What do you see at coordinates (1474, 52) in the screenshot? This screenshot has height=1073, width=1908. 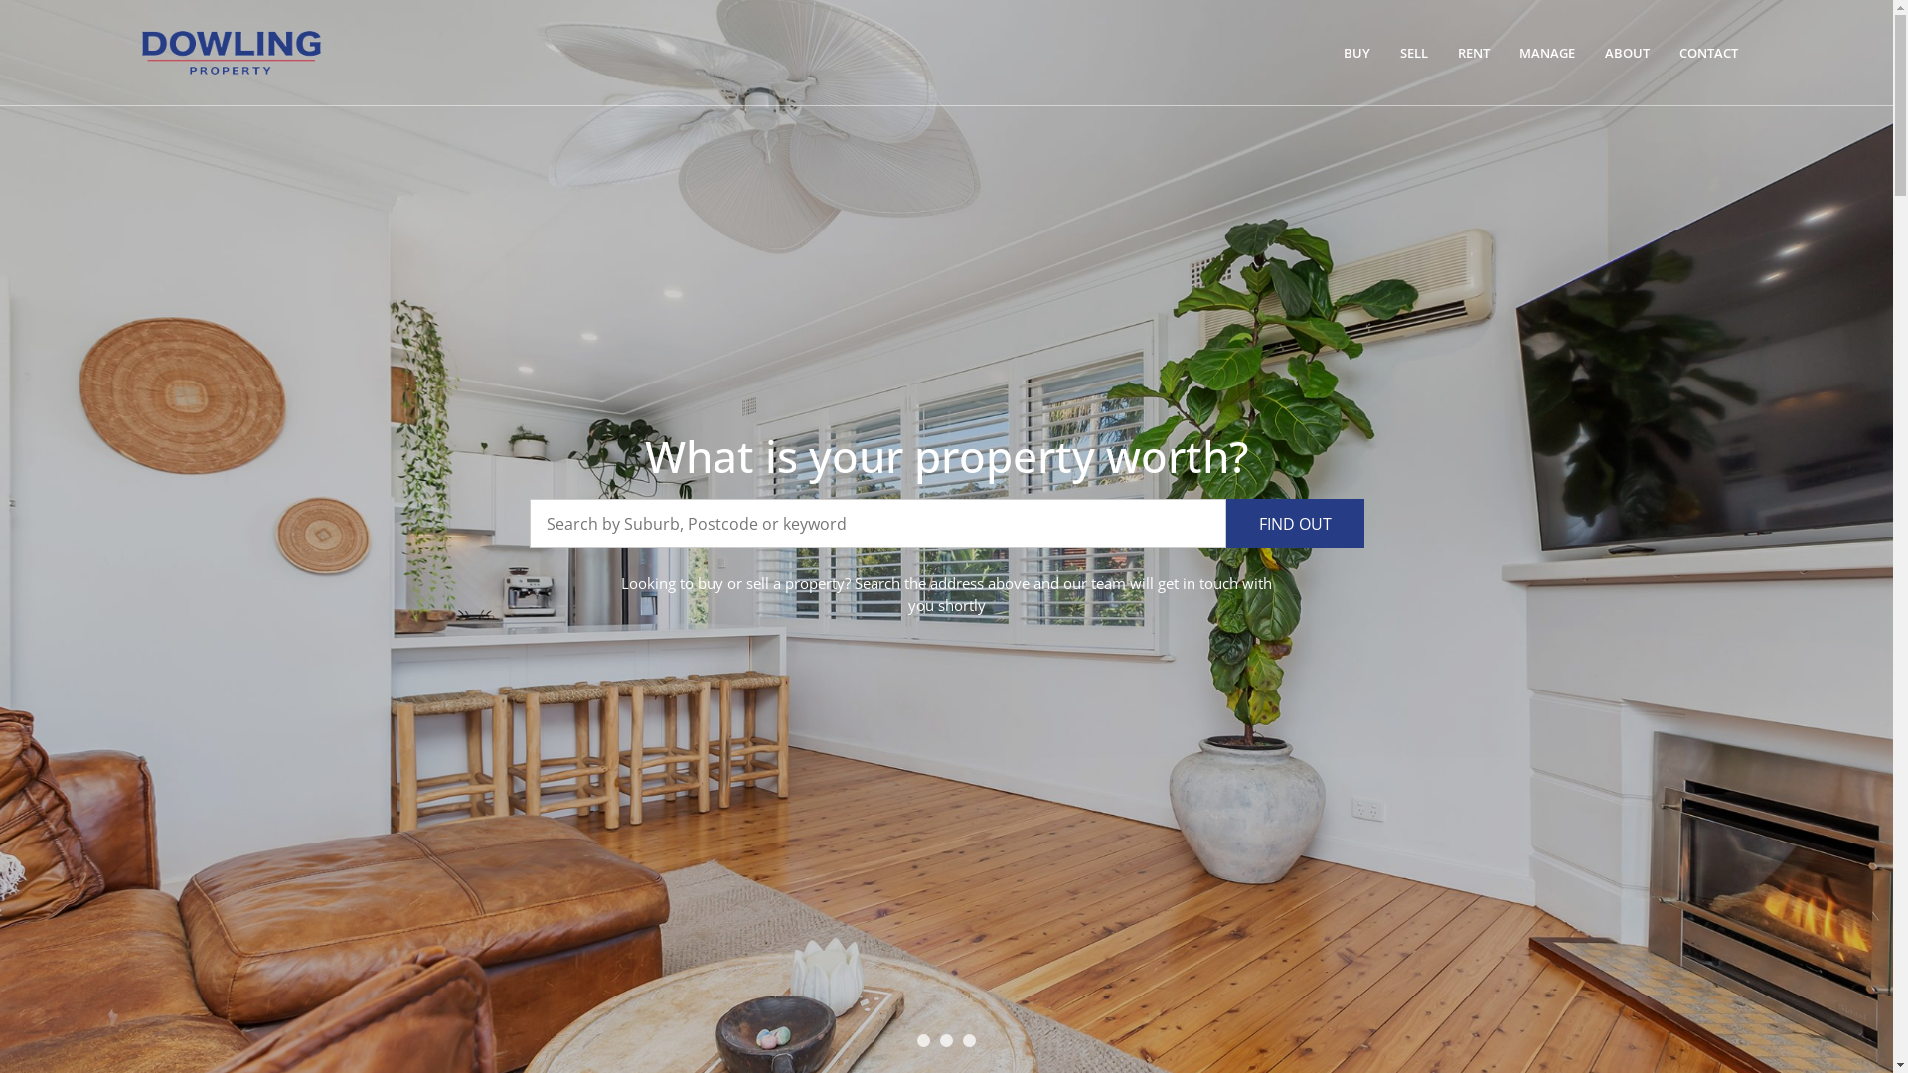 I see `'RENT'` at bounding box center [1474, 52].